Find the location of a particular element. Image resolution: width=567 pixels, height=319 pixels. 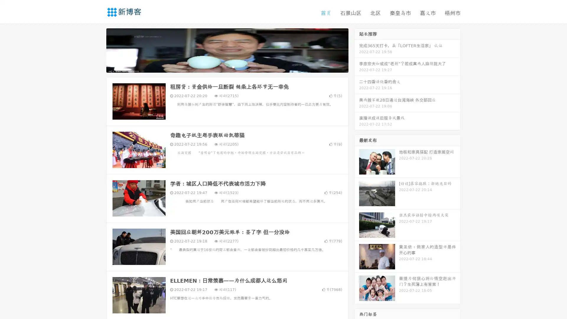

Go to slide 2 is located at coordinates (227, 66).